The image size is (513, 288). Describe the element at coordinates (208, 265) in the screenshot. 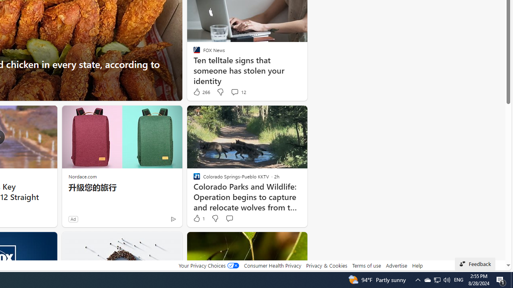

I see `'Your Privacy Choices'` at that location.